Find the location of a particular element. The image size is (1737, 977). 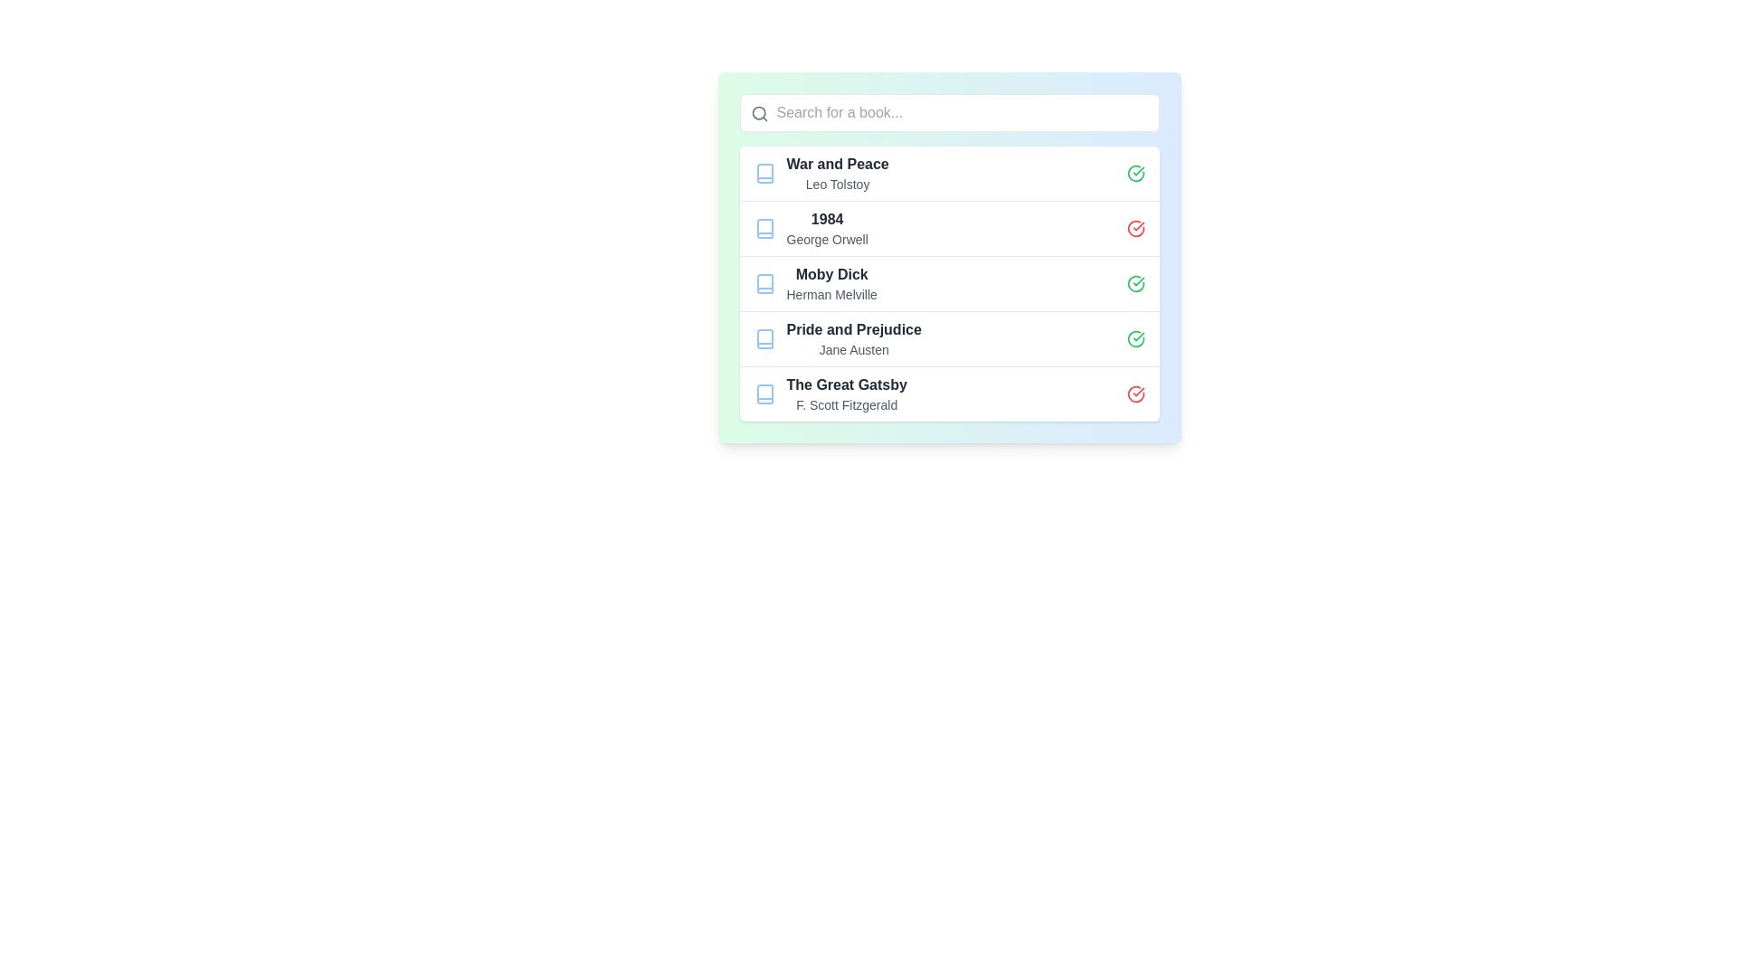

the circular icon with a green border containing a checkmark symbol, located at the far-right end of the row labeled 'Pride and Prejudice' by 'Jane Austen' is located at coordinates (1134, 338).